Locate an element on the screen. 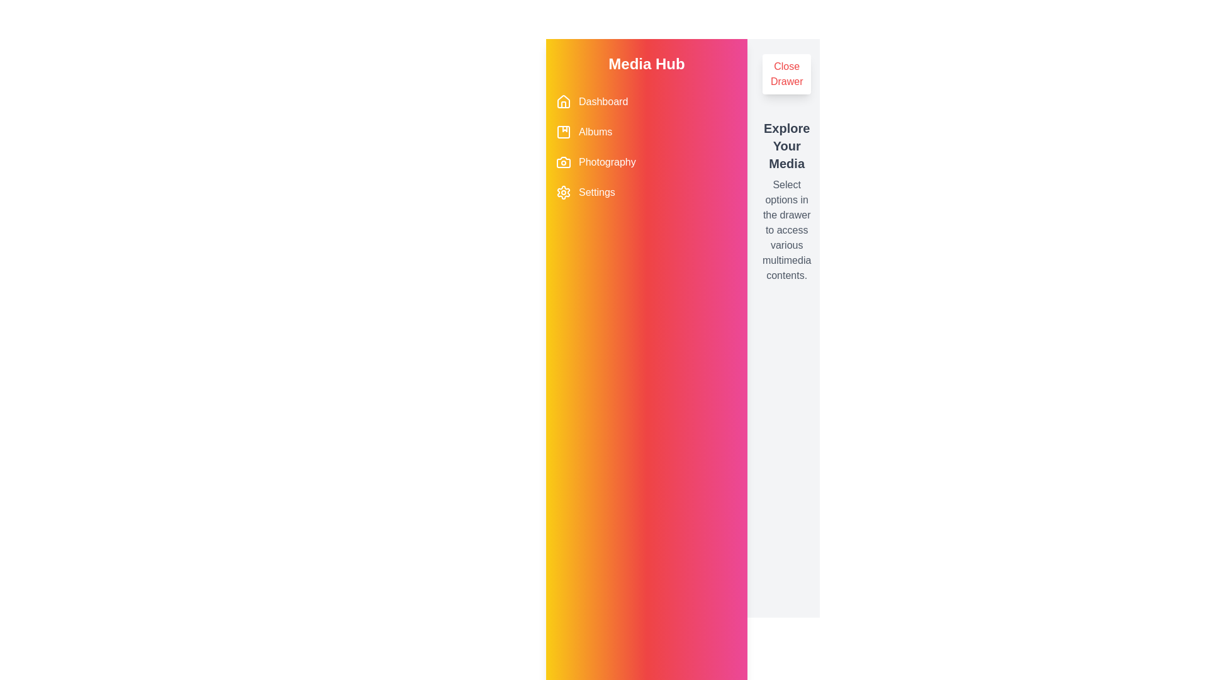  the text 'Explore Your Media' to interact with it is located at coordinates (785, 145).